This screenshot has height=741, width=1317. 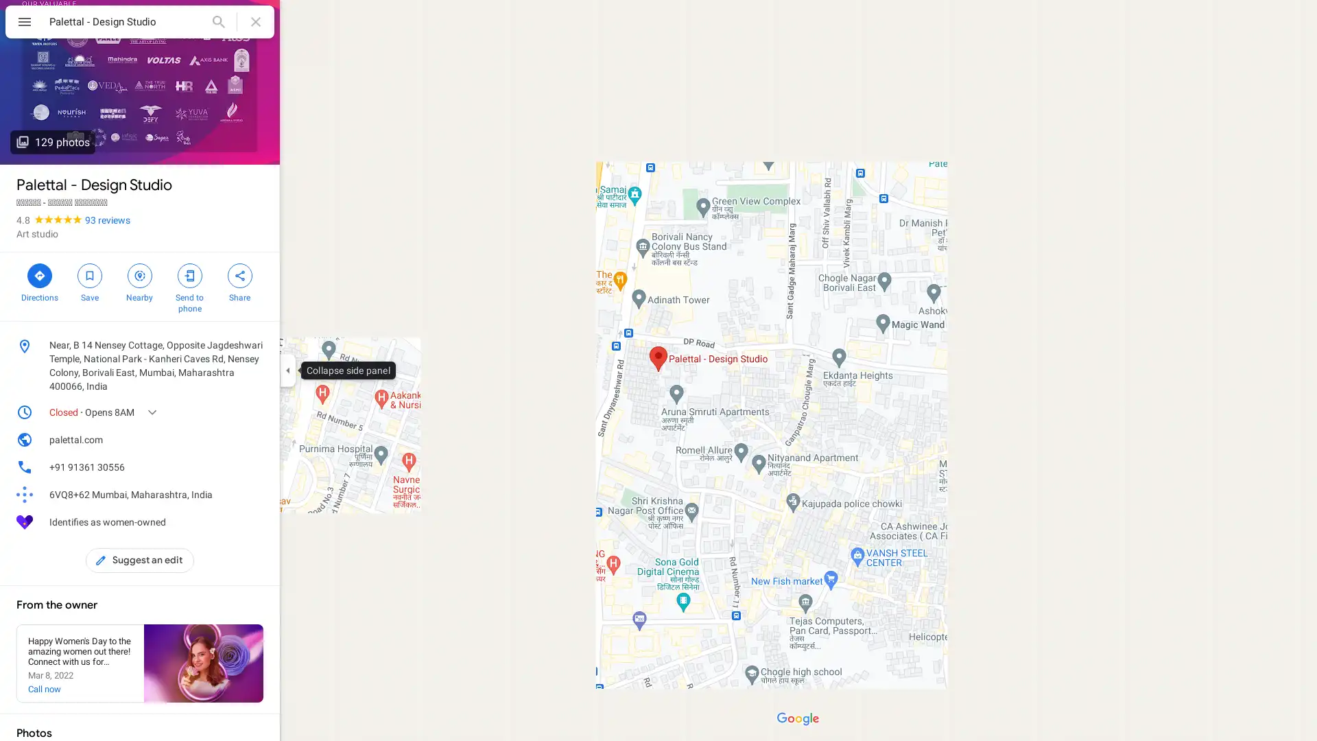 I want to click on Open website, so click(x=236, y=439).